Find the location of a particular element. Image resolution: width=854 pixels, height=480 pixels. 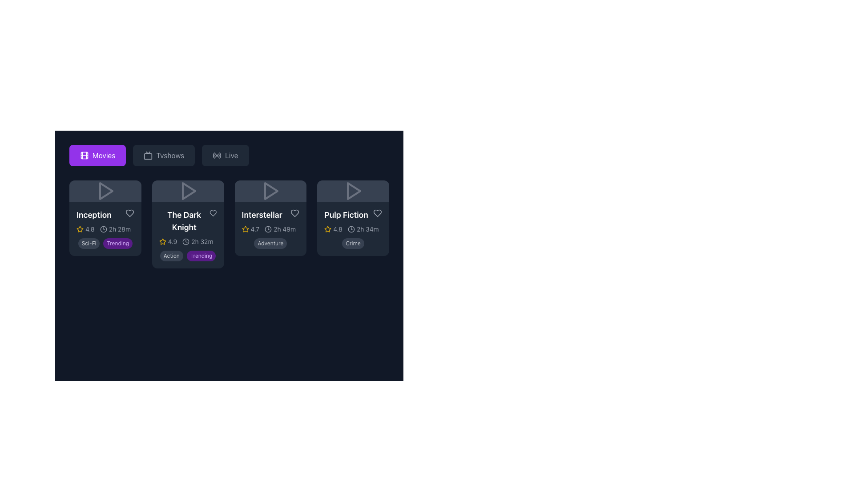

the static text element displaying the rating of the movie 'Interstellar', which shows a score of 4.7 out of 5 with a star icon, located in the third card of the interface is located at coordinates (250, 229).